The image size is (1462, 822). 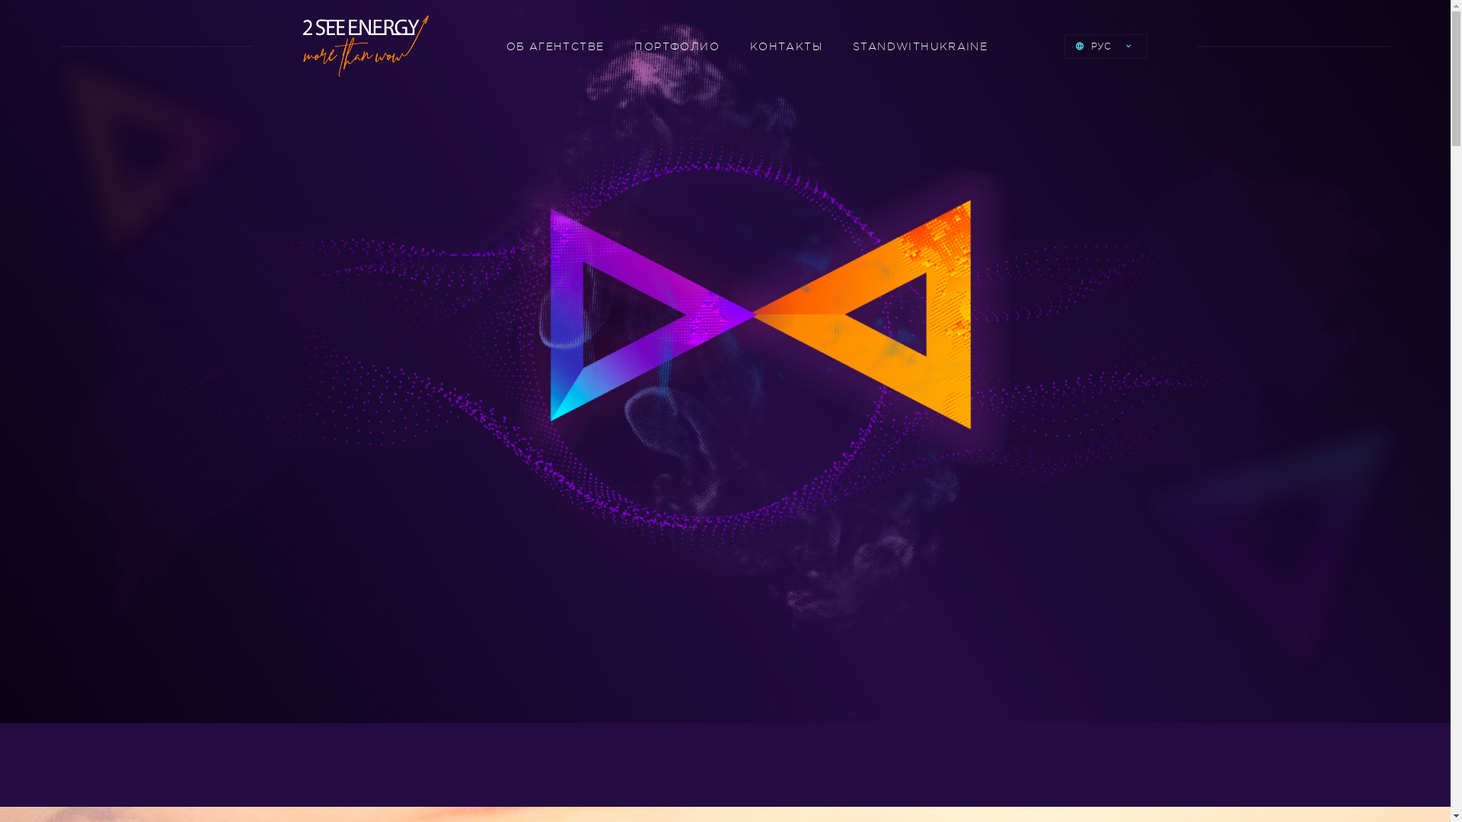 What do you see at coordinates (919, 45) in the screenshot?
I see `'STANDWITHUKRAINE'` at bounding box center [919, 45].